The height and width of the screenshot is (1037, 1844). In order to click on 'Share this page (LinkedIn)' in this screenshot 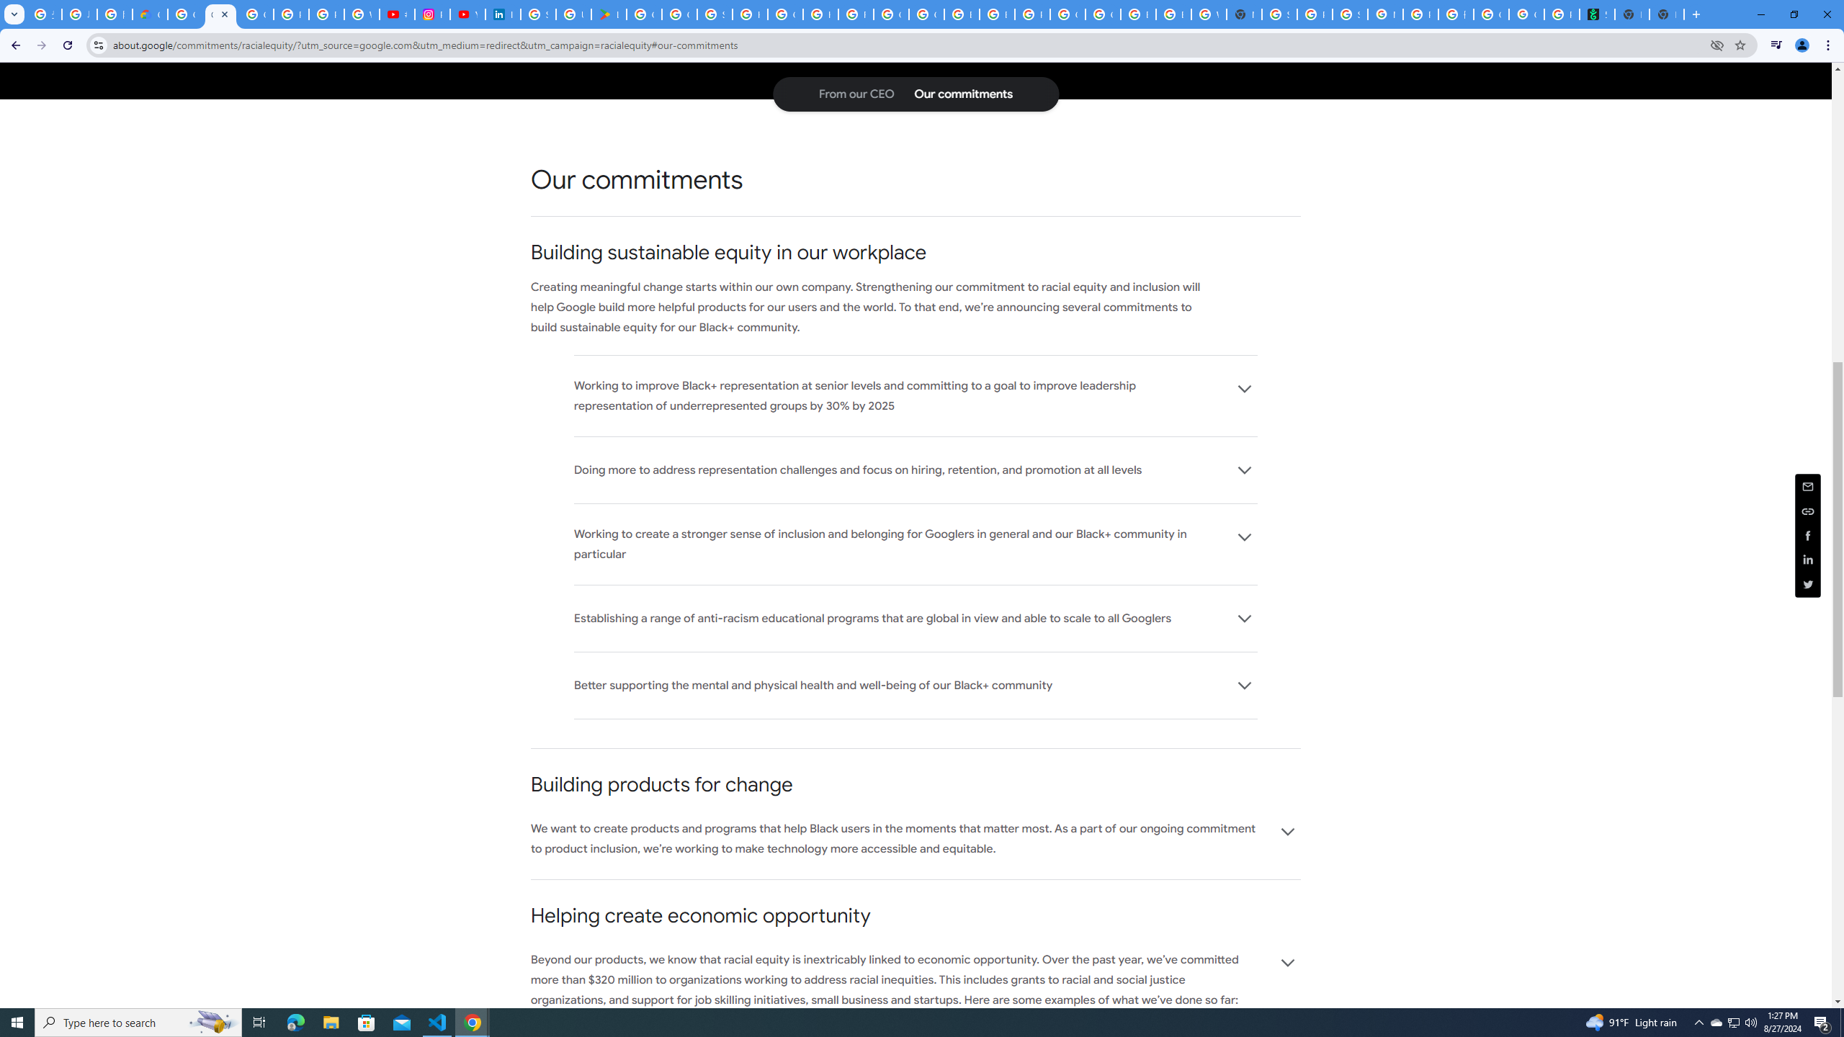, I will do `click(1808, 560)`.